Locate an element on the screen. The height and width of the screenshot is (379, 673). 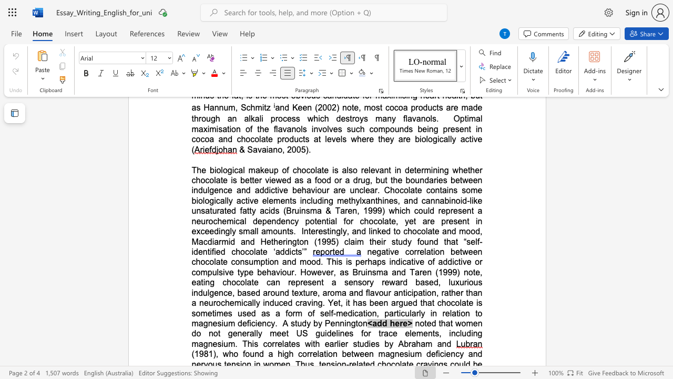
the space between the continuous character "r" and "h" in the text is located at coordinates (368, 261).